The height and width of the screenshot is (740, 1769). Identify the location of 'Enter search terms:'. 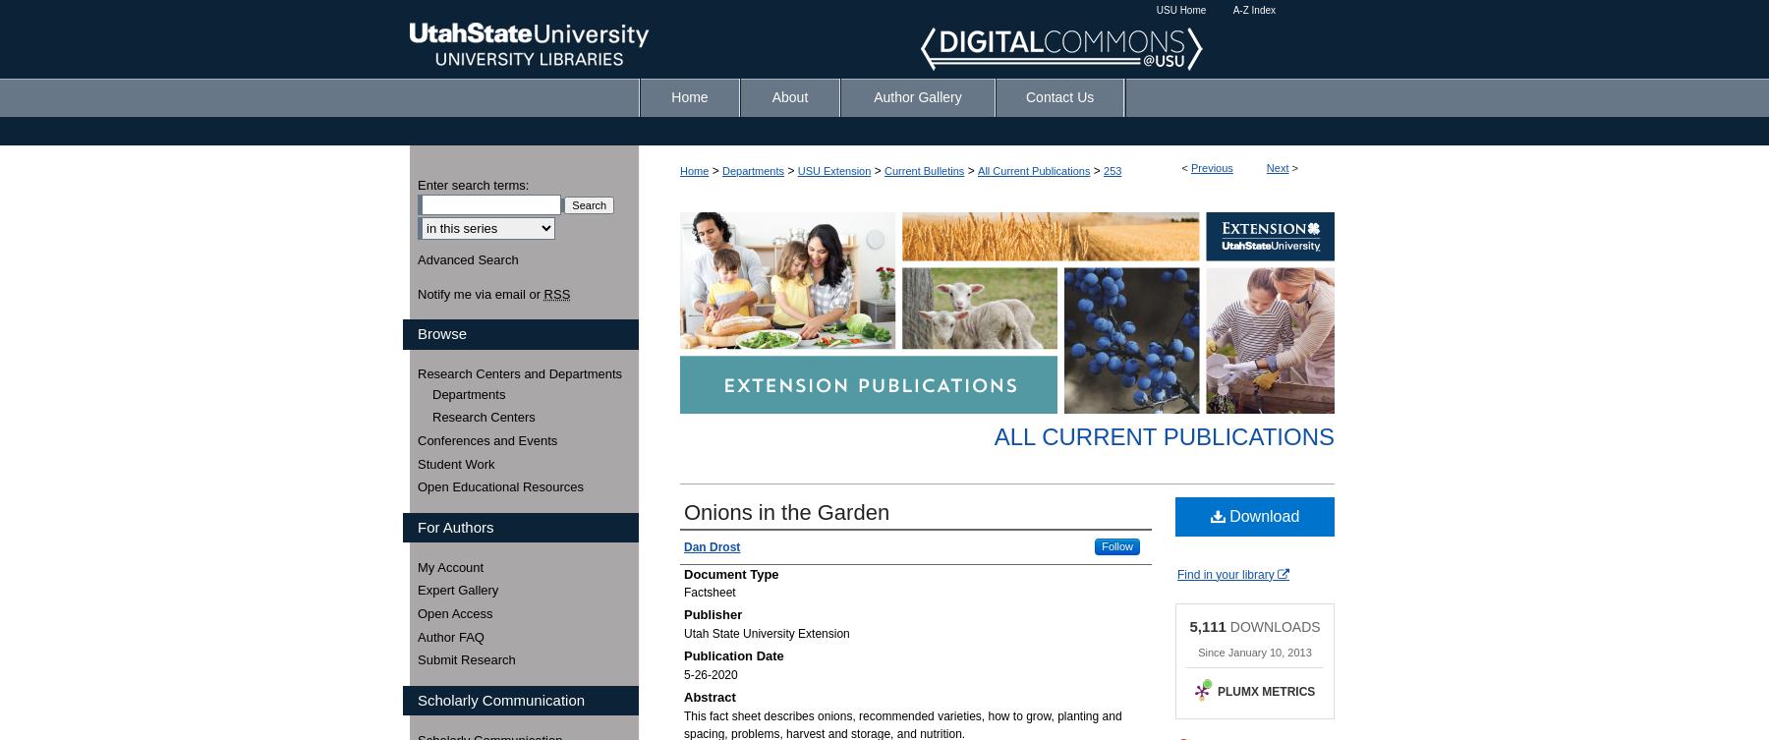
(472, 184).